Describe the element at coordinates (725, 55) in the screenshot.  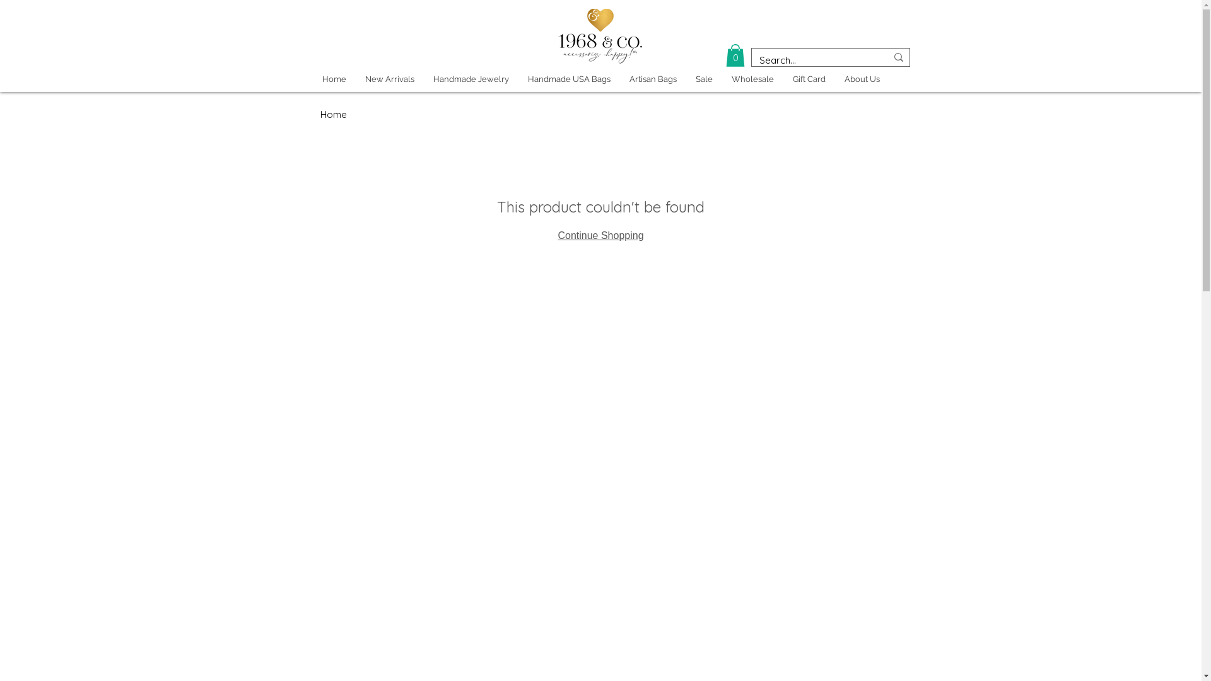
I see `'0'` at that location.